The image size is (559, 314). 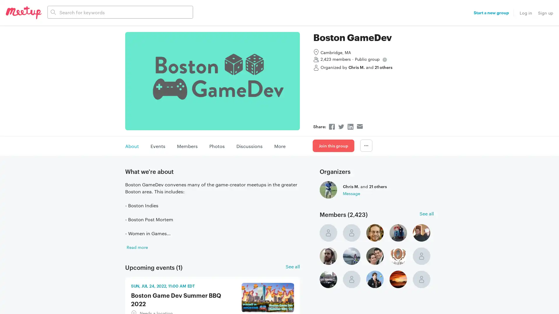 What do you see at coordinates (137, 247) in the screenshot?
I see `Read more` at bounding box center [137, 247].